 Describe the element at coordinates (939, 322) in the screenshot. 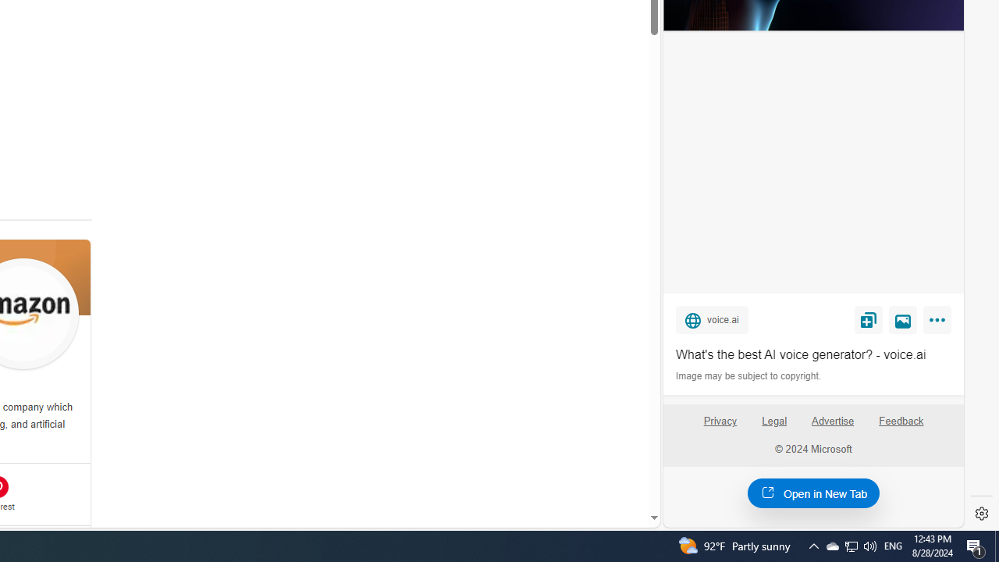

I see `'More'` at that location.